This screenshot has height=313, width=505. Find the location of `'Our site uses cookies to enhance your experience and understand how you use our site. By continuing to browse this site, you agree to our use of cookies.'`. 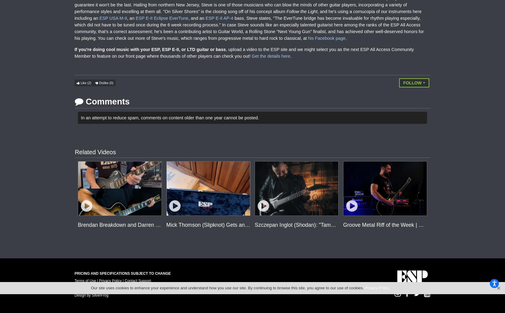

'Our site uses cookies to enhance your experience and understand how you use our site. By continuing to browse this site, you agree to our use of cookies.' is located at coordinates (228, 287).